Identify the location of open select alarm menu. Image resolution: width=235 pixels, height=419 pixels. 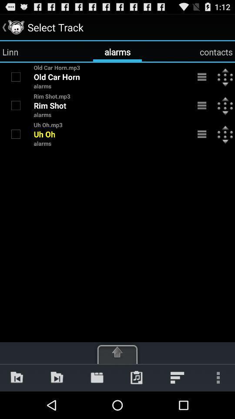
(202, 105).